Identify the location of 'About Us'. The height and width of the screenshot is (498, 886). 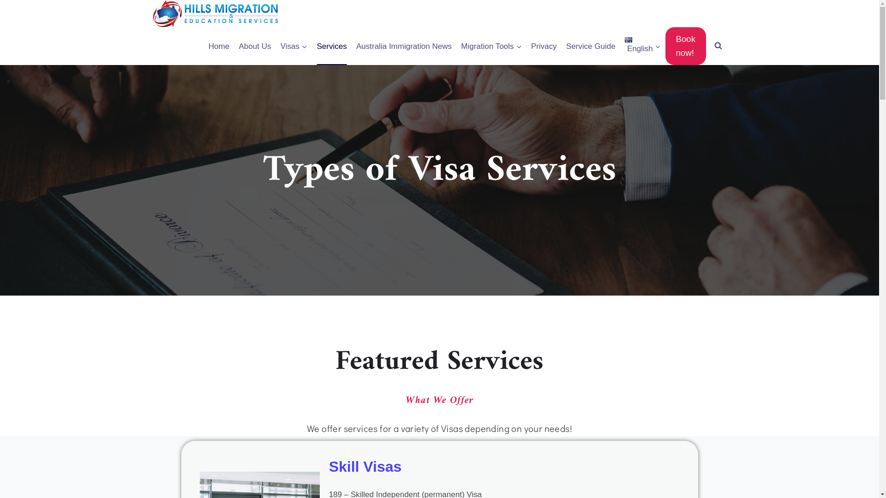
(255, 46).